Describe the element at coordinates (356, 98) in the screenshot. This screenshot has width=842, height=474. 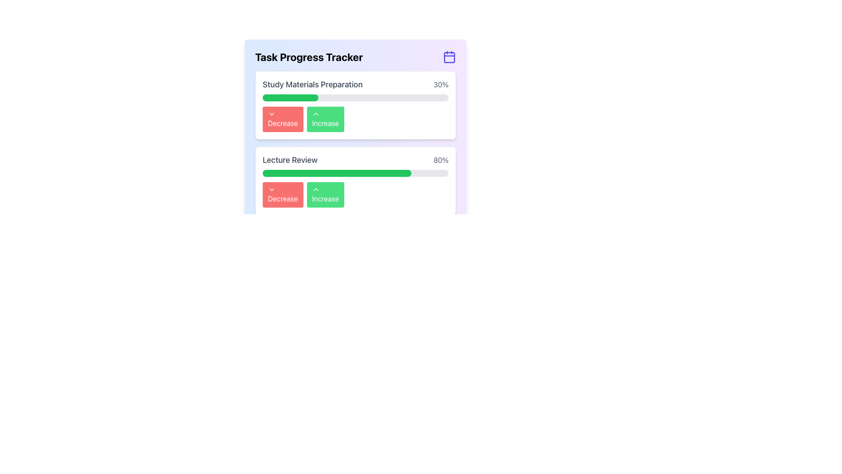
I see `progress bar element representing completion percentage, located below the 'Study Materials Preparation' text and above the 'Decrease' and 'Increase' buttons` at that location.